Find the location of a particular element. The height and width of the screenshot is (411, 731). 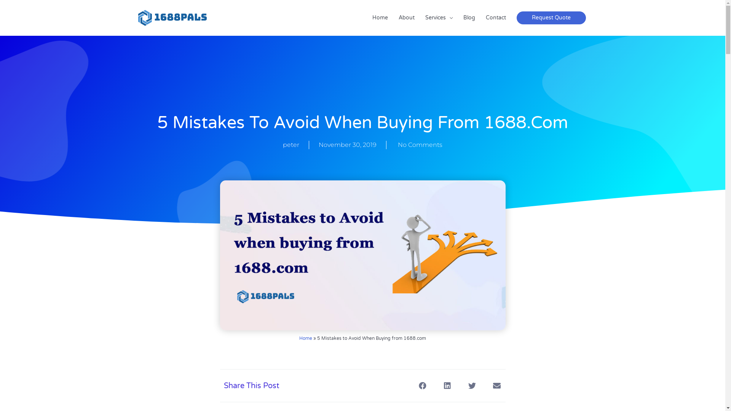

'Services' is located at coordinates (439, 17).